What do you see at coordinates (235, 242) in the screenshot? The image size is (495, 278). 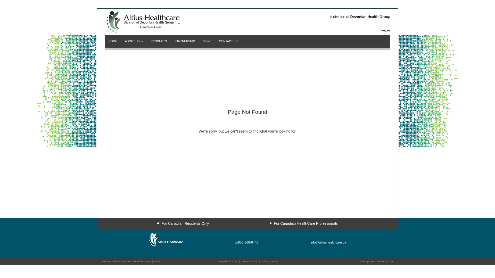 I see `'1-855-868-8440'` at bounding box center [235, 242].